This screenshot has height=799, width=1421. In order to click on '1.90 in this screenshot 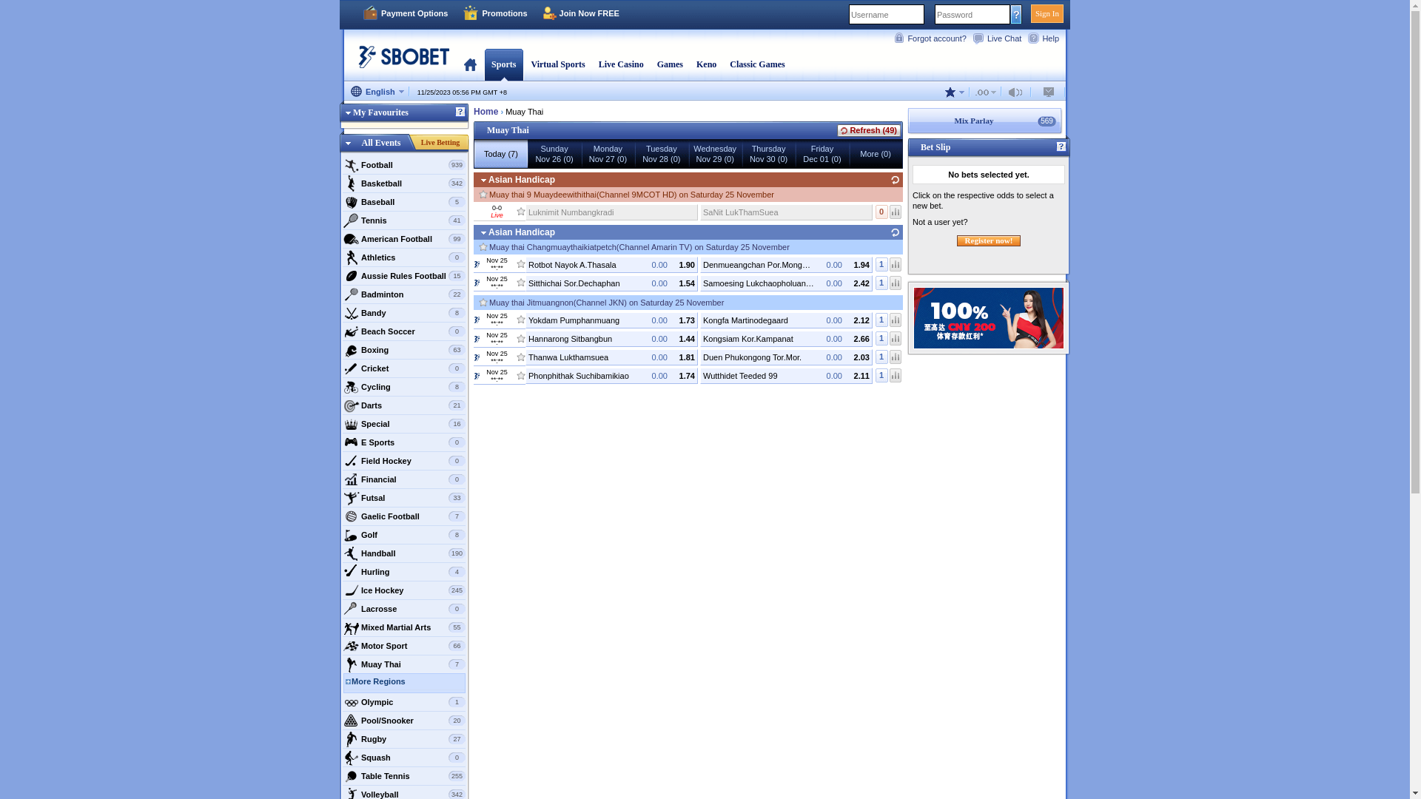, I will do `click(525, 263)`.